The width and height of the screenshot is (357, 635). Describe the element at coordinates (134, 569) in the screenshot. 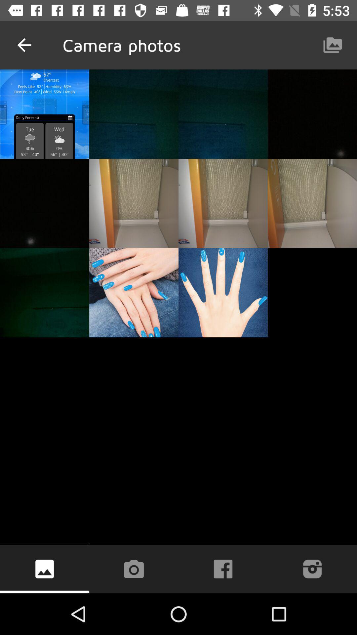

I see `the photo icon` at that location.